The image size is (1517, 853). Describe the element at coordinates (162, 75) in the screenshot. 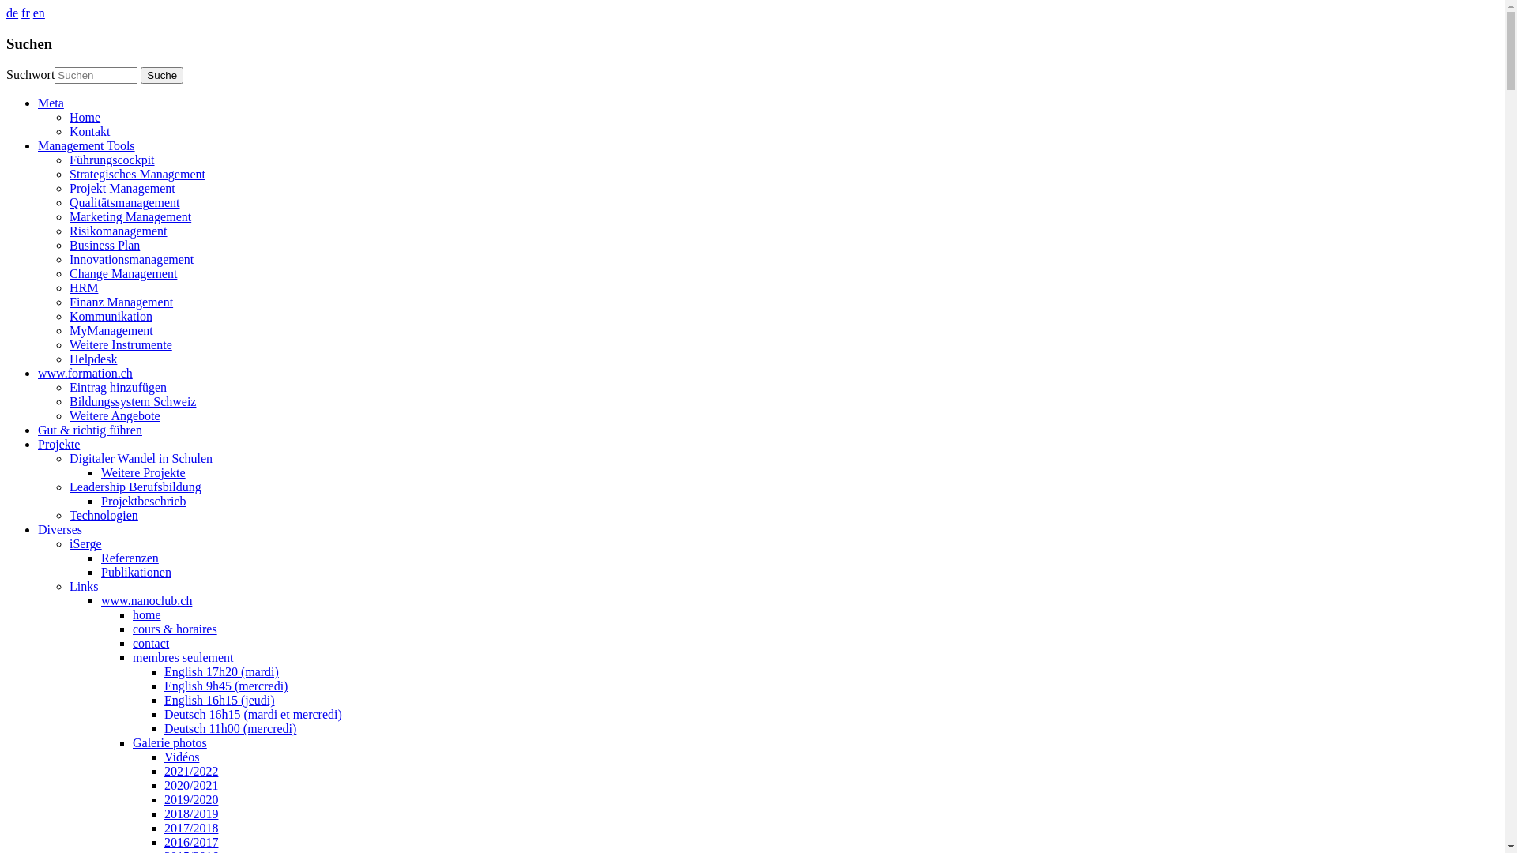

I see `'Suche'` at that location.